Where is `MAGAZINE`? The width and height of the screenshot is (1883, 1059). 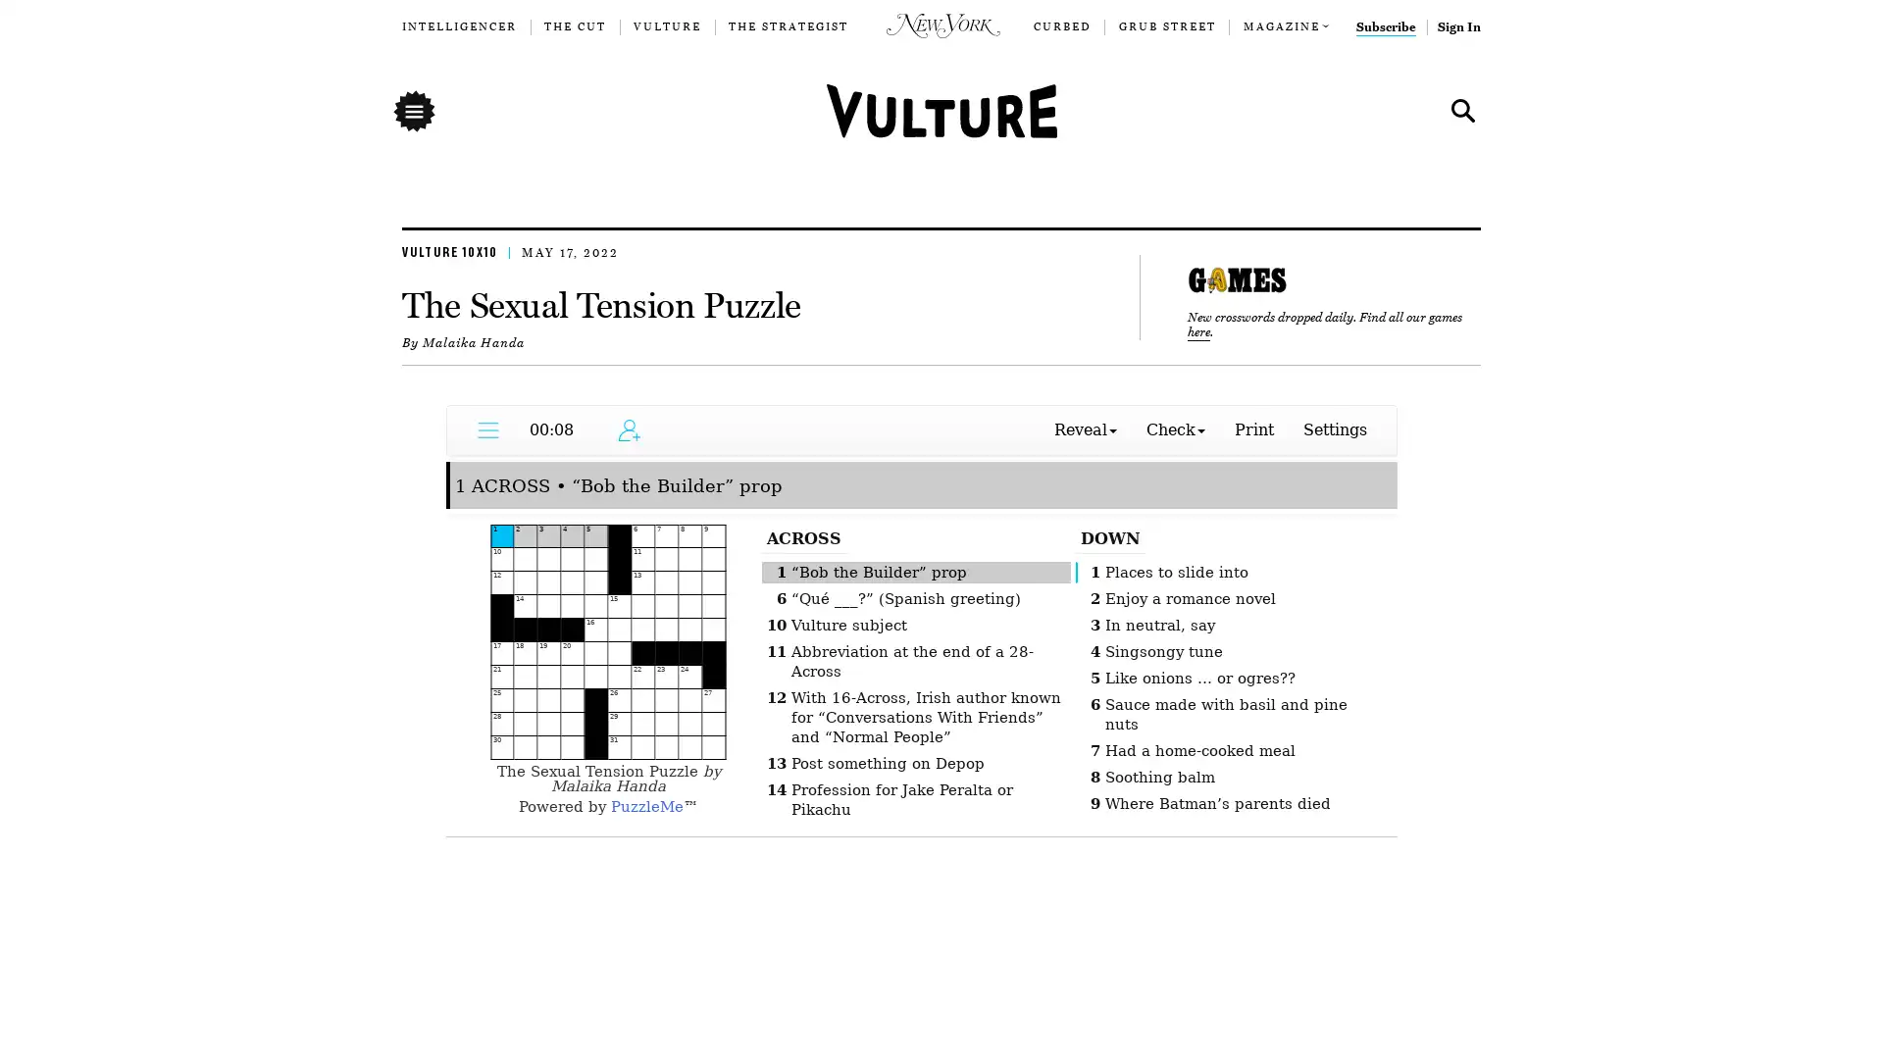
MAGAZINE is located at coordinates (1280, 26).